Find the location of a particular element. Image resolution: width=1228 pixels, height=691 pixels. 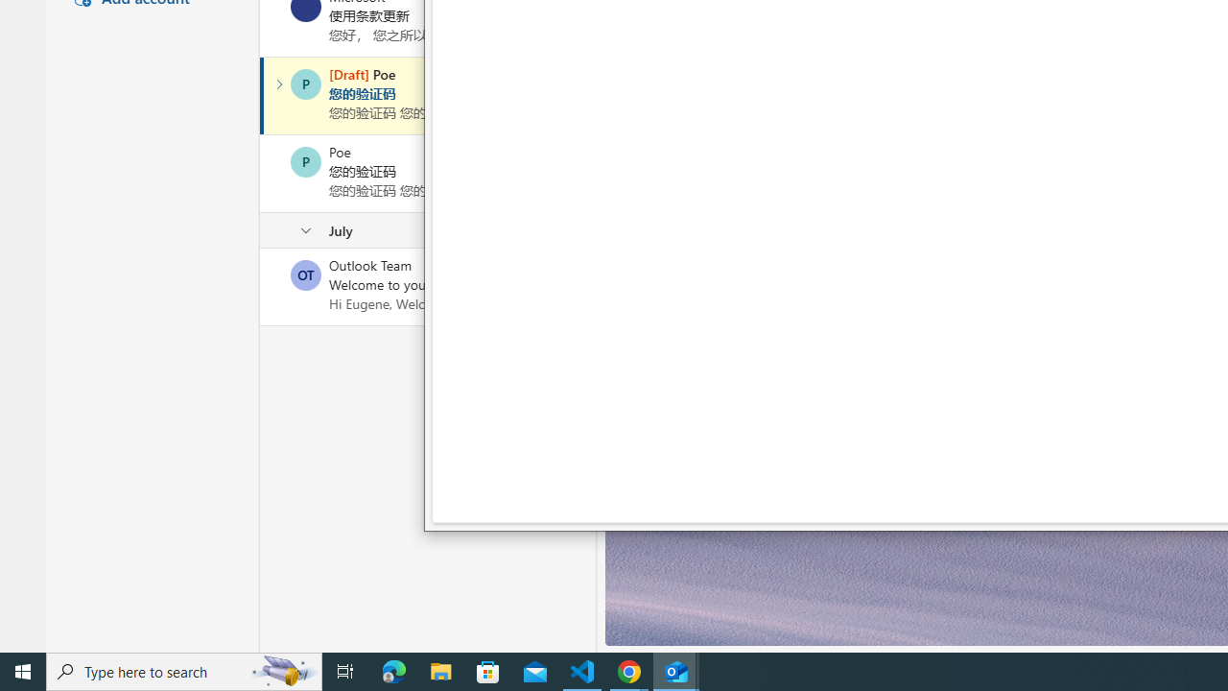

'Expand conversation' is located at coordinates (278, 83).